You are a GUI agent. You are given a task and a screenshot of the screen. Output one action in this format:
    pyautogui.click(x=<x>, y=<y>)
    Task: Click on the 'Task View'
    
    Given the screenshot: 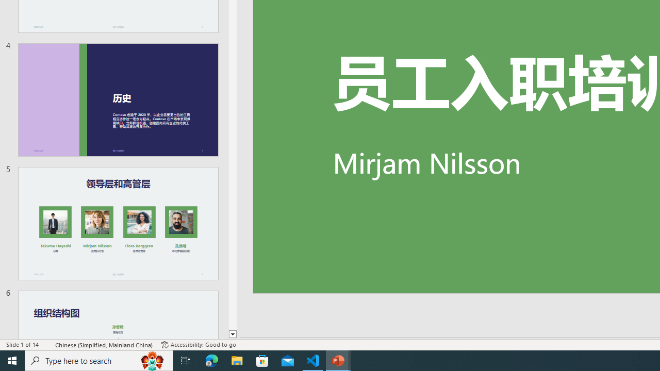 What is the action you would take?
    pyautogui.click(x=185, y=360)
    